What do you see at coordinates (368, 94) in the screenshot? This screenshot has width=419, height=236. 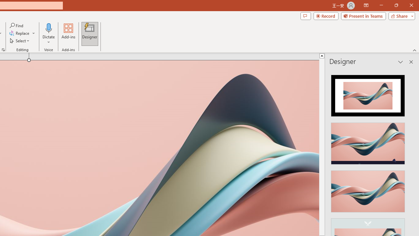 I see `'Recommended Design: Design Idea'` at bounding box center [368, 94].